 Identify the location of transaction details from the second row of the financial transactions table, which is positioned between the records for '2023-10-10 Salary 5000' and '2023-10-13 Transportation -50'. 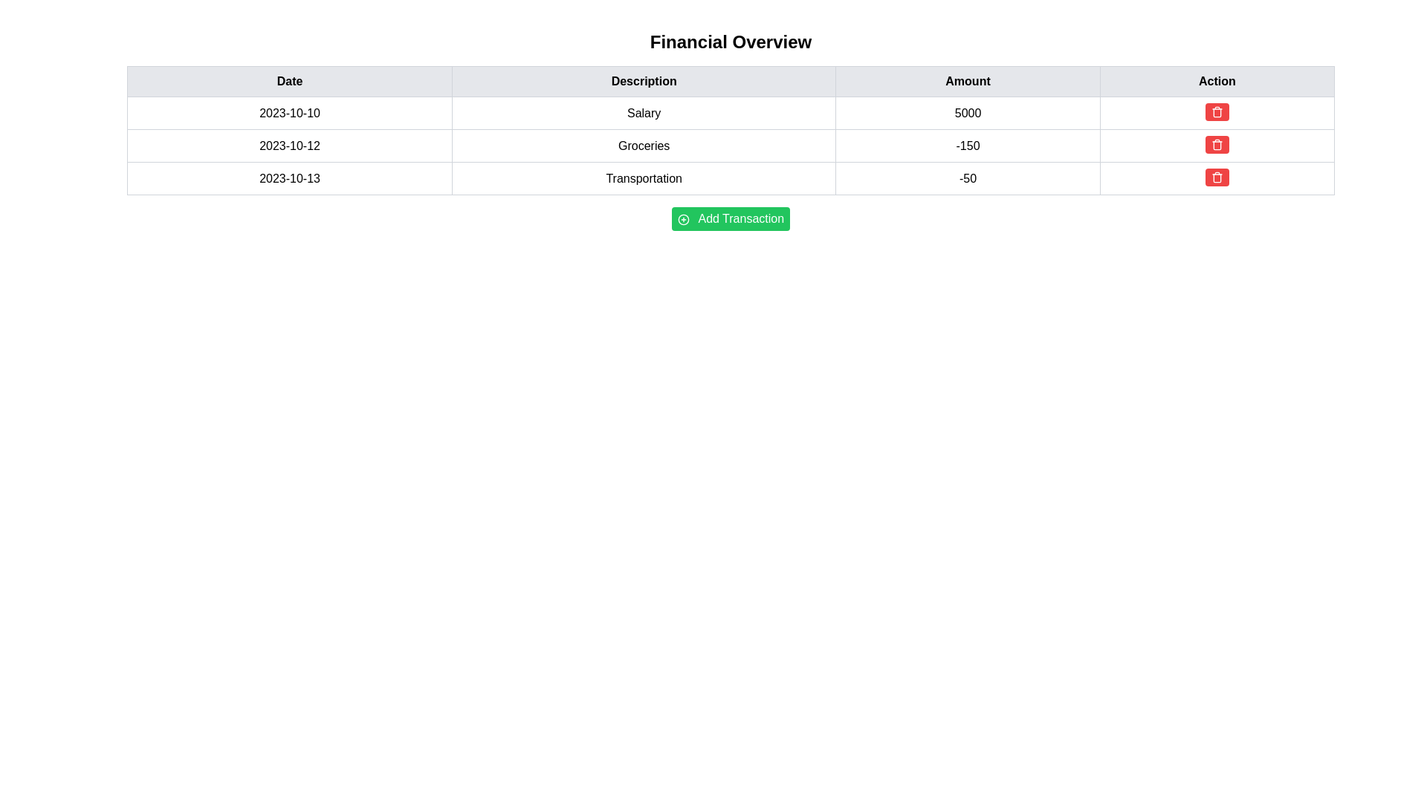
(731, 146).